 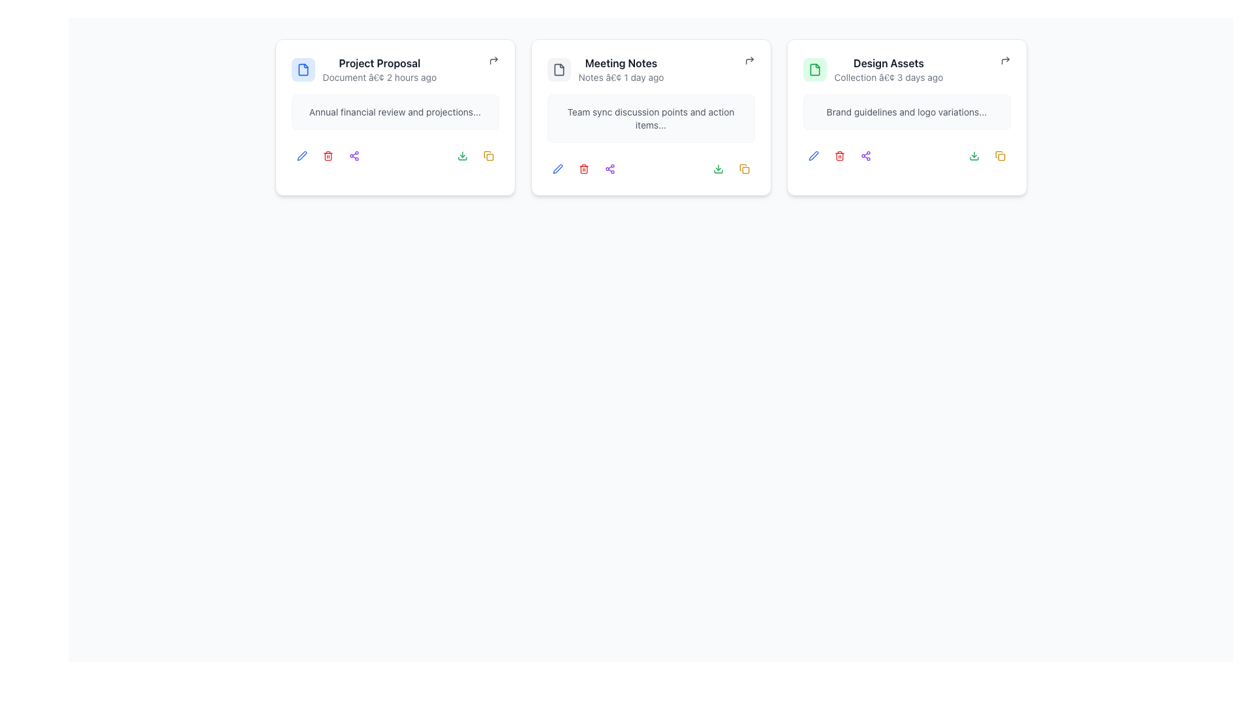 What do you see at coordinates (394, 70) in the screenshot?
I see `the document or project proposal summary element located at the top of the first card in a three-column grid layout` at bounding box center [394, 70].